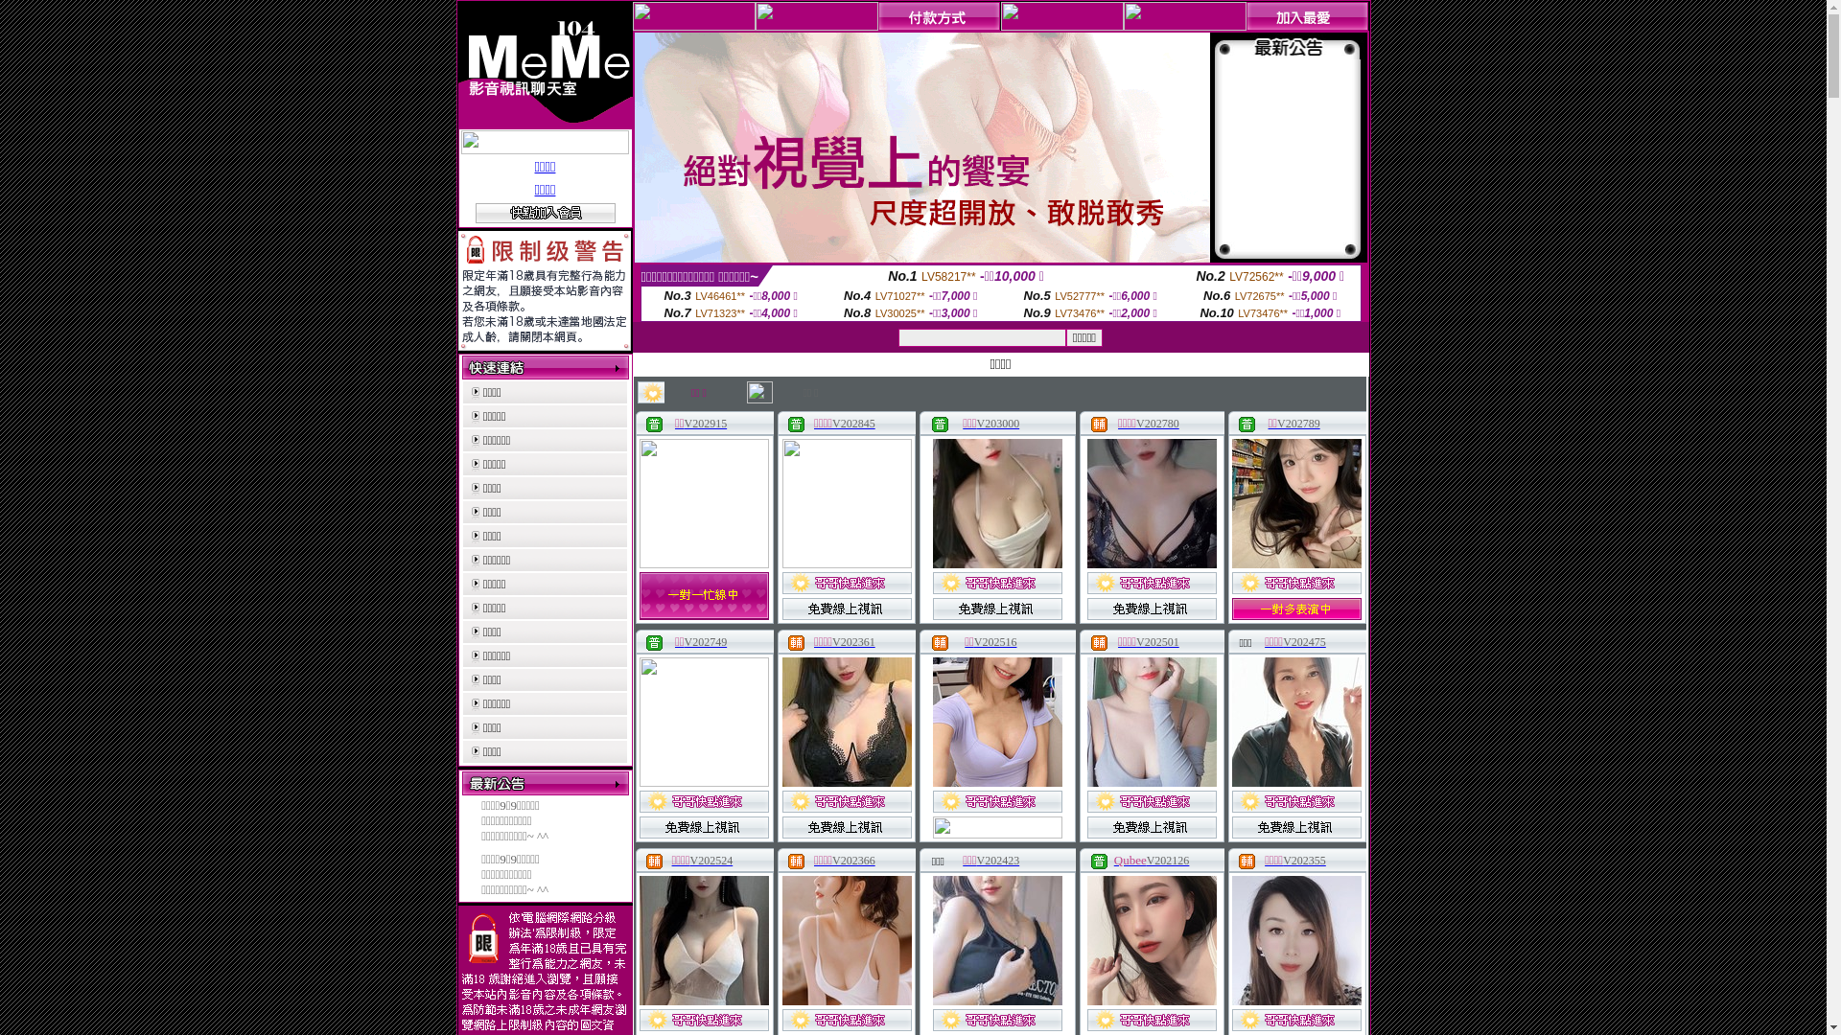  Describe the element at coordinates (852, 642) in the screenshot. I see `'V202361'` at that location.